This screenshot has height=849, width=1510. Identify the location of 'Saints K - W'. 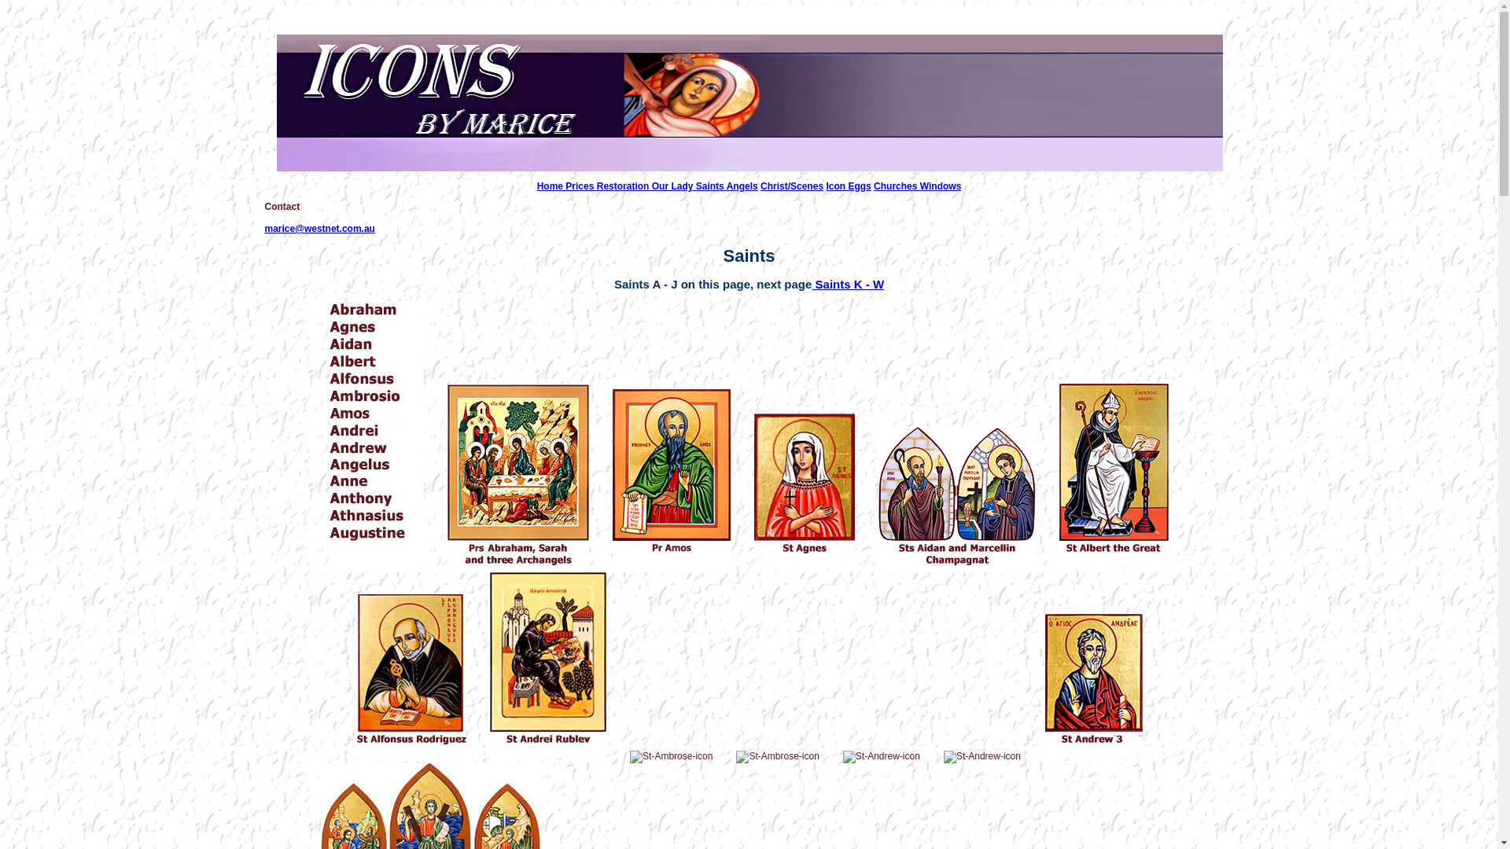
(847, 284).